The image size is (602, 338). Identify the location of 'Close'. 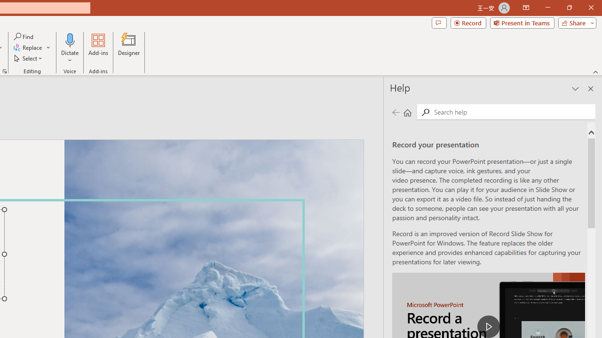
(590, 8).